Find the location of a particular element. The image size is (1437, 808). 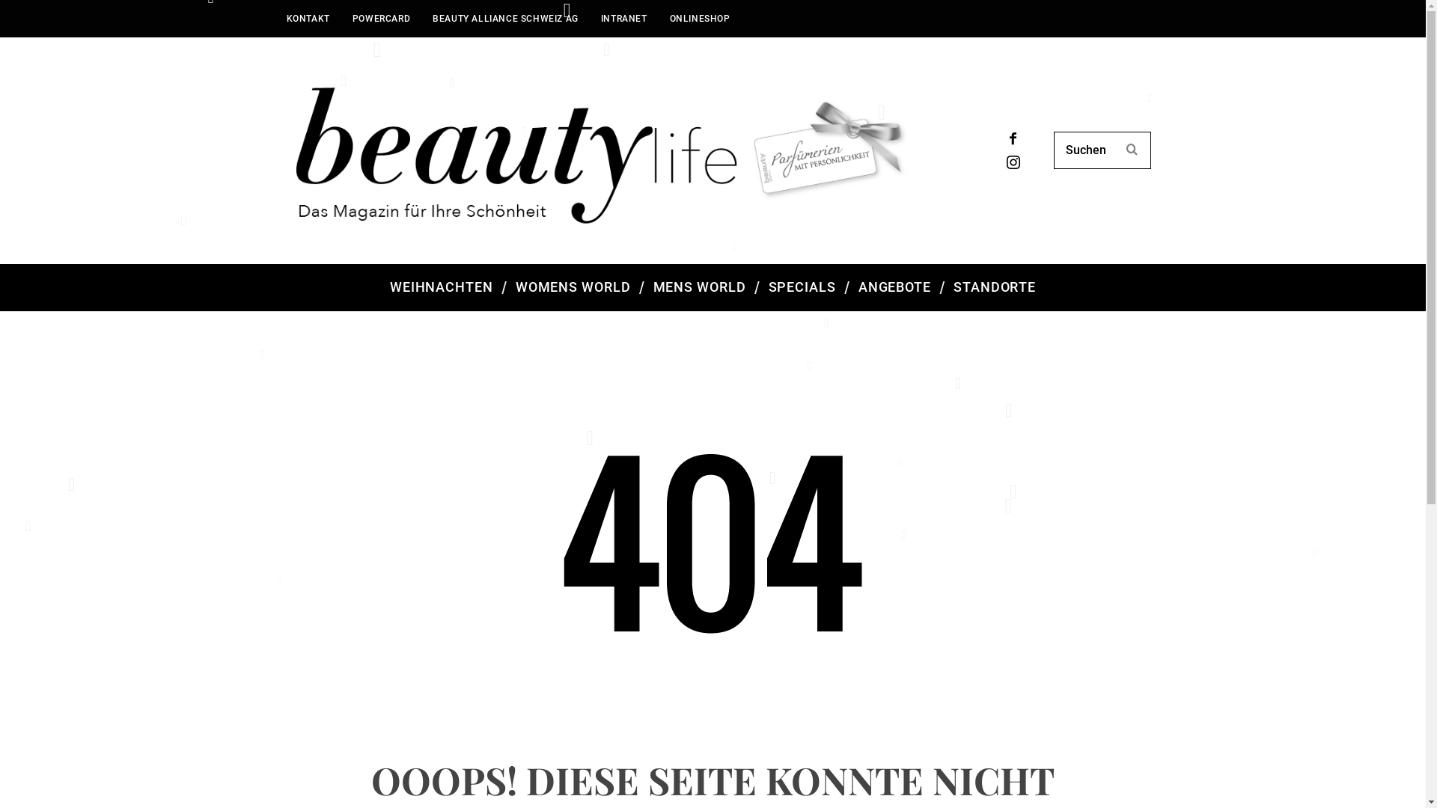

'ONLINESHOP' is located at coordinates (658, 18).